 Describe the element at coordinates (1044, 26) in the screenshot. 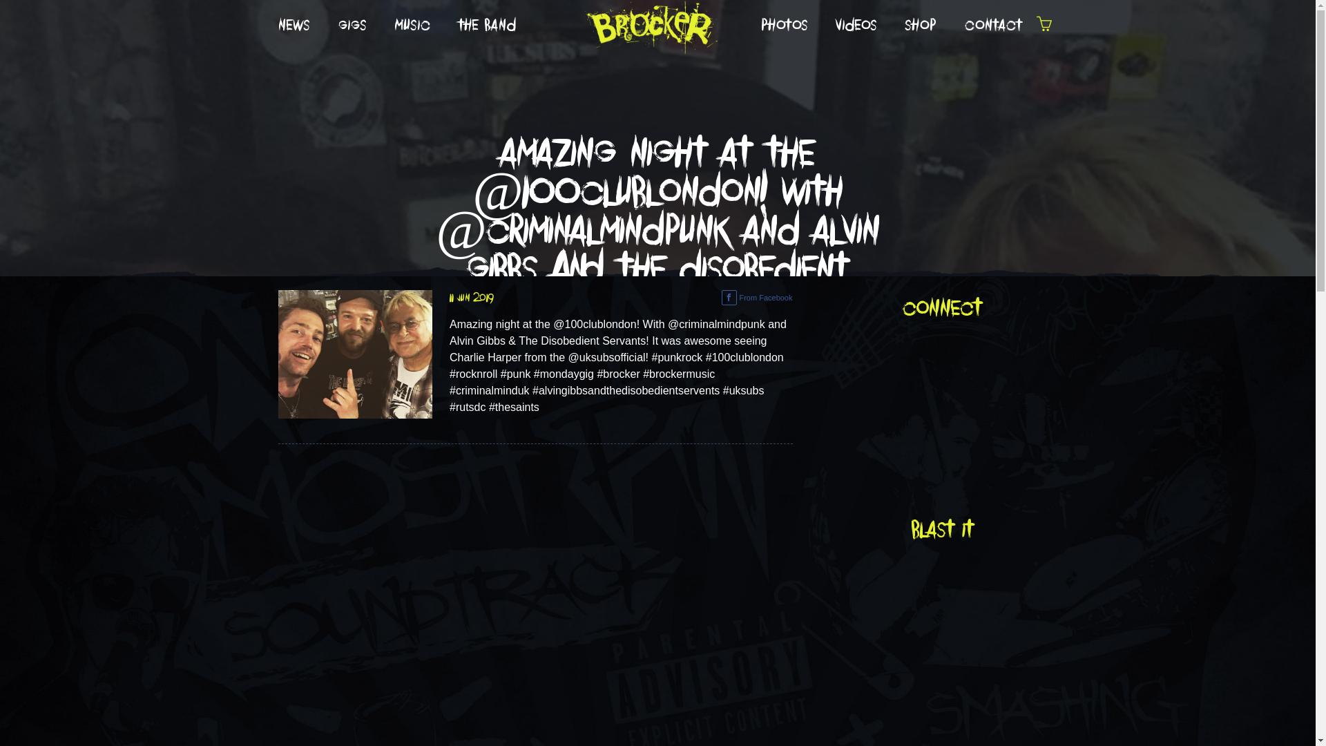

I see `'Menu'` at that location.